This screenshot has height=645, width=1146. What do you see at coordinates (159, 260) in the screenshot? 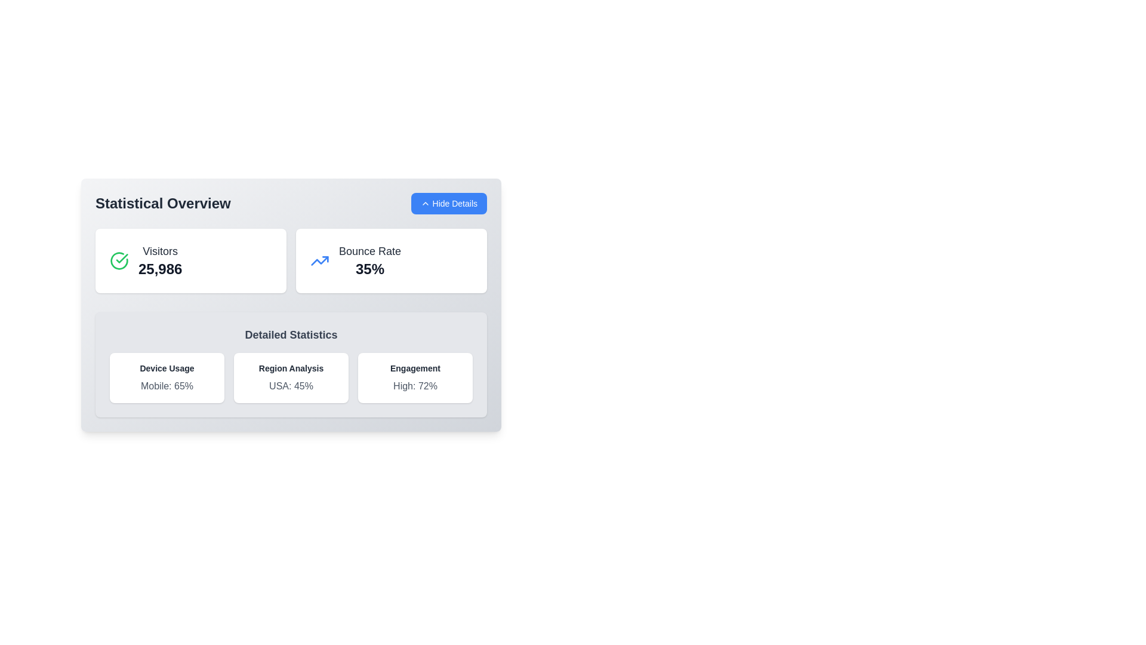
I see `the Information Display showing '25,986' visitors, which is located beneath the label 'Visitors' in a bold font` at bounding box center [159, 260].